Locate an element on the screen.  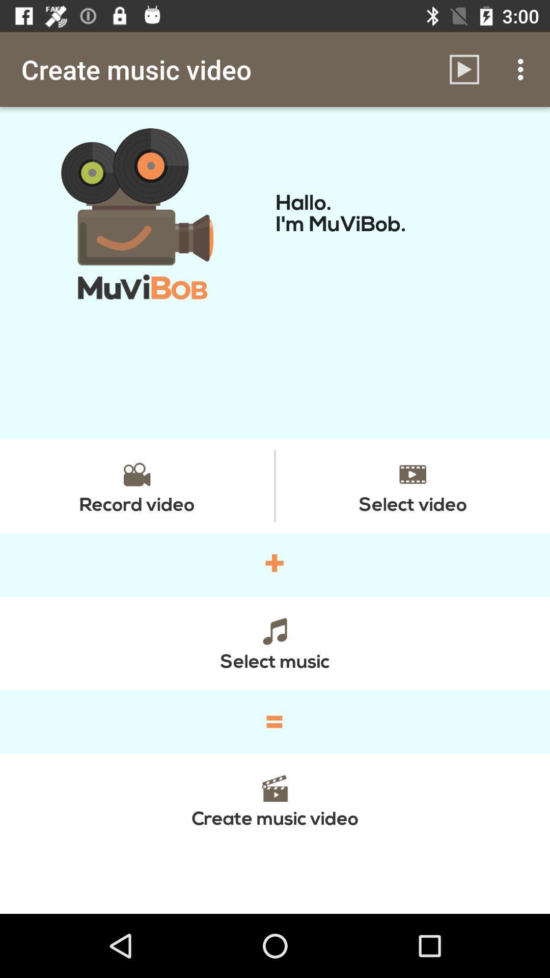
select music item is located at coordinates (275, 642).